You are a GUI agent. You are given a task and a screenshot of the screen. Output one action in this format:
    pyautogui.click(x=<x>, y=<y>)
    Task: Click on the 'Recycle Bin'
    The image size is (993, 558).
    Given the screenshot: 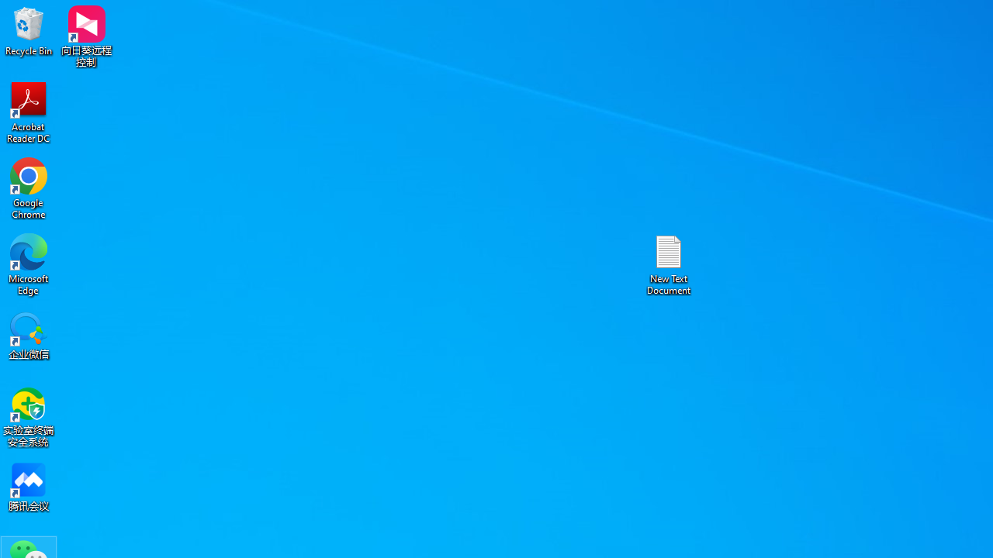 What is the action you would take?
    pyautogui.click(x=29, y=30)
    